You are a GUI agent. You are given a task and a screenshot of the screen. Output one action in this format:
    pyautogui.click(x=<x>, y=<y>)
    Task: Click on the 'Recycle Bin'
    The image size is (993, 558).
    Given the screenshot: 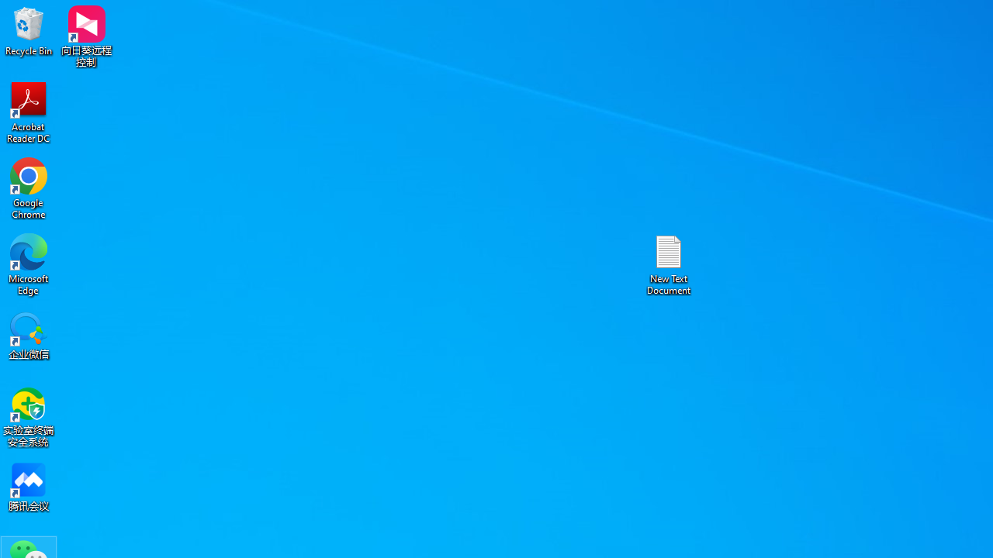 What is the action you would take?
    pyautogui.click(x=29, y=30)
    